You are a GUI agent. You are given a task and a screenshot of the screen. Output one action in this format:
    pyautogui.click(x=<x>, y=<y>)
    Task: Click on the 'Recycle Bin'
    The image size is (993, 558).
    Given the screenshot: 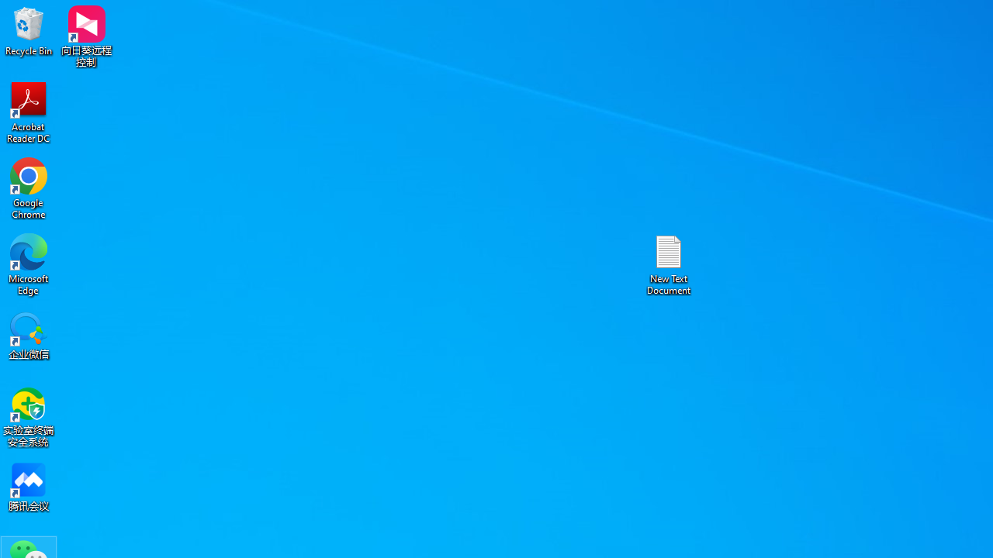 What is the action you would take?
    pyautogui.click(x=29, y=30)
    